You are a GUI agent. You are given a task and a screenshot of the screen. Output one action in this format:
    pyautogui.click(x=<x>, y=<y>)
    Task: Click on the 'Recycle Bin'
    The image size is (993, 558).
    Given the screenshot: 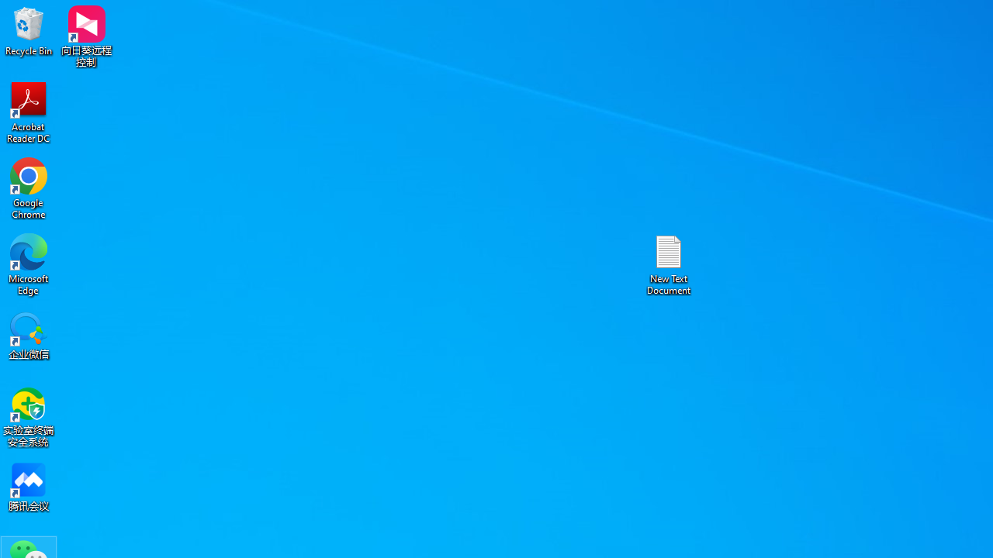 What is the action you would take?
    pyautogui.click(x=29, y=30)
    